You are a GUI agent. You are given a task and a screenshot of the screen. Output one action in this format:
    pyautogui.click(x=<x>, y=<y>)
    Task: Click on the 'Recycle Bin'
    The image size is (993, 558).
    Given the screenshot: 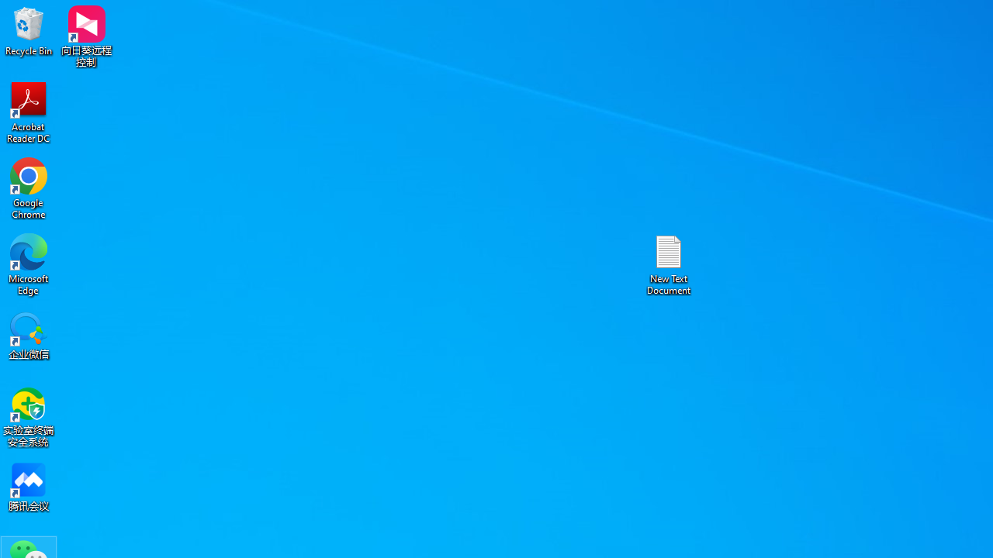 What is the action you would take?
    pyautogui.click(x=29, y=30)
    